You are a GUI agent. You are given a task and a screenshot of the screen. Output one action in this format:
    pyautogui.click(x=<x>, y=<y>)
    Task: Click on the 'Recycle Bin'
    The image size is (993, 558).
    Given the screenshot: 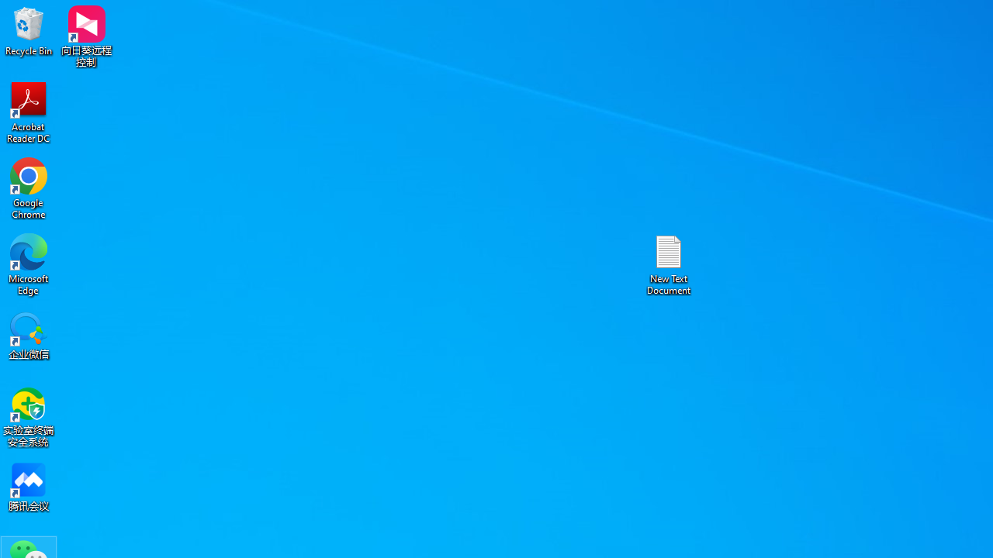 What is the action you would take?
    pyautogui.click(x=29, y=30)
    